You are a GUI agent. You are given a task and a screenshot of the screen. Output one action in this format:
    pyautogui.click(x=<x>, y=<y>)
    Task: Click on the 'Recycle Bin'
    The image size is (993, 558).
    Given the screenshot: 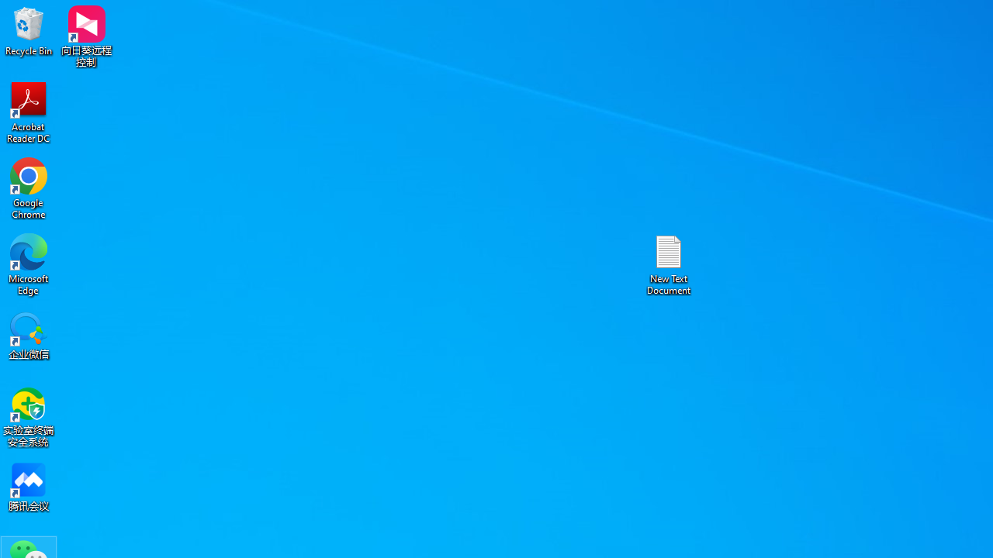 What is the action you would take?
    pyautogui.click(x=29, y=30)
    